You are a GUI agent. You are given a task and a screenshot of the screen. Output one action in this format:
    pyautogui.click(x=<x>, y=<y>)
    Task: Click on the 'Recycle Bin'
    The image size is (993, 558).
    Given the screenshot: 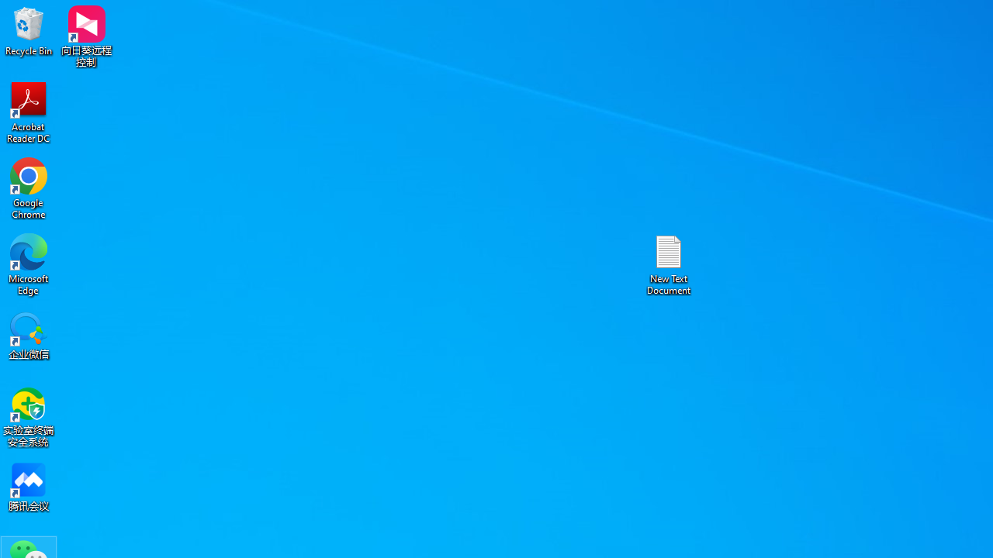 What is the action you would take?
    pyautogui.click(x=29, y=30)
    